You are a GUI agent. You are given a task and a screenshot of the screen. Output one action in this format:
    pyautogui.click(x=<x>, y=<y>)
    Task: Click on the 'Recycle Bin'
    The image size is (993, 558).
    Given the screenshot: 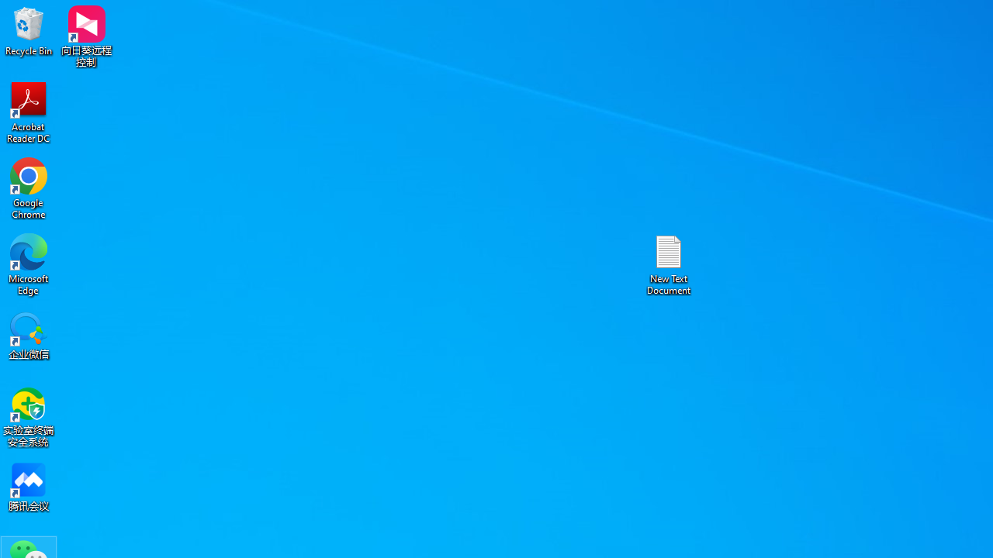 What is the action you would take?
    pyautogui.click(x=29, y=30)
    